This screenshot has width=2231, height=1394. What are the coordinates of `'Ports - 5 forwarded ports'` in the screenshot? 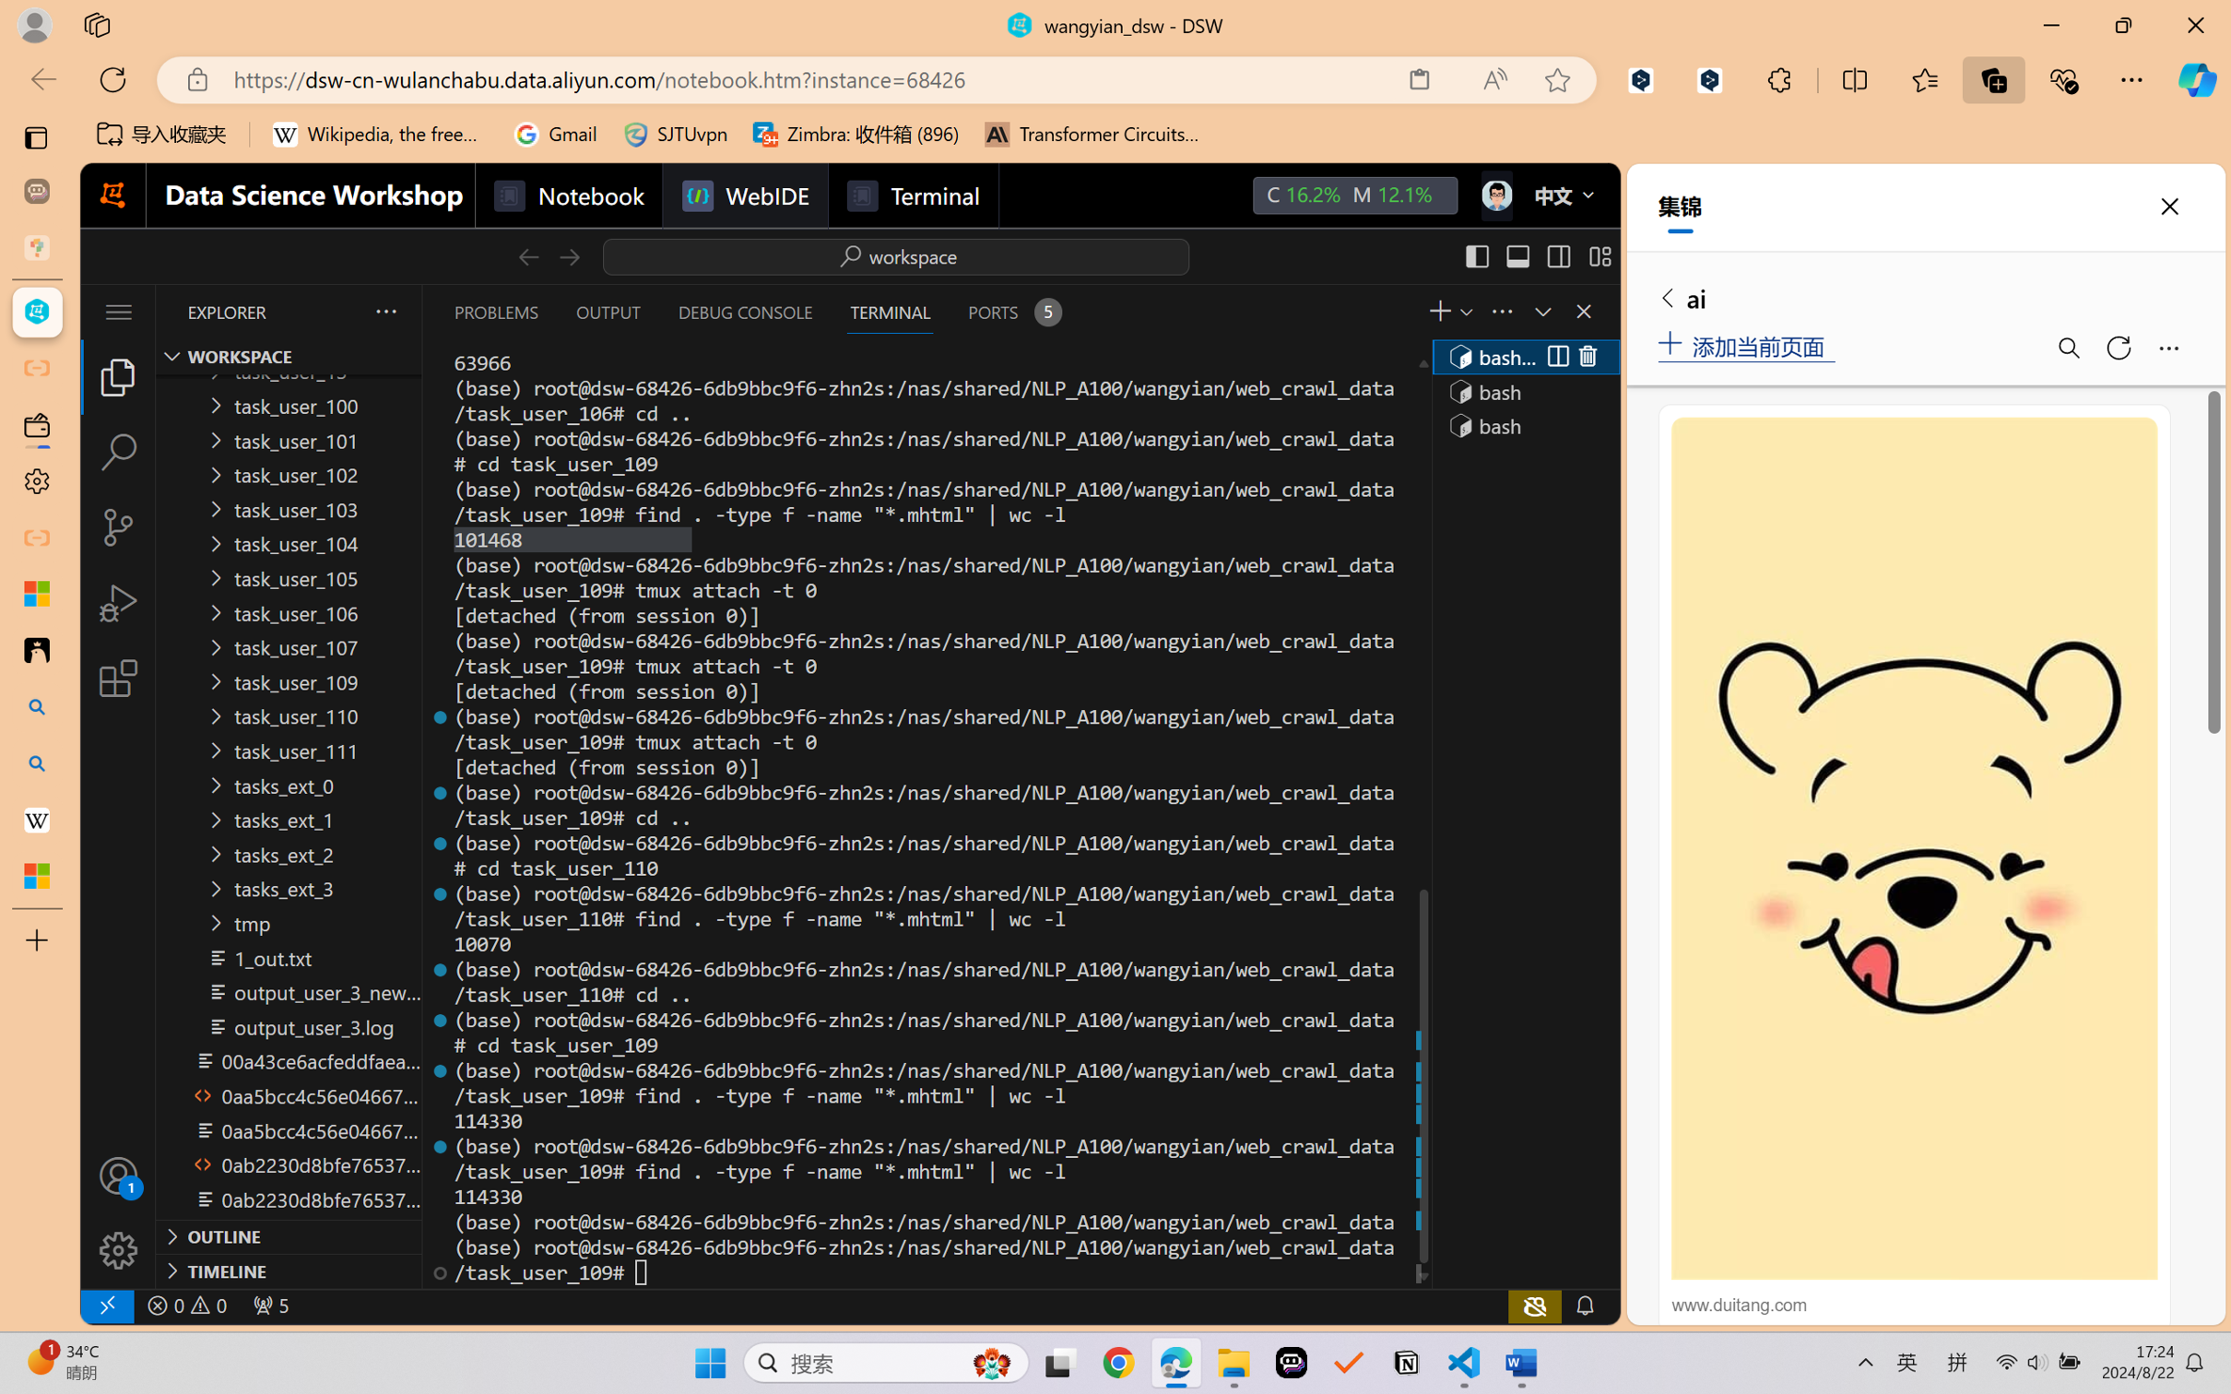 It's located at (1012, 311).